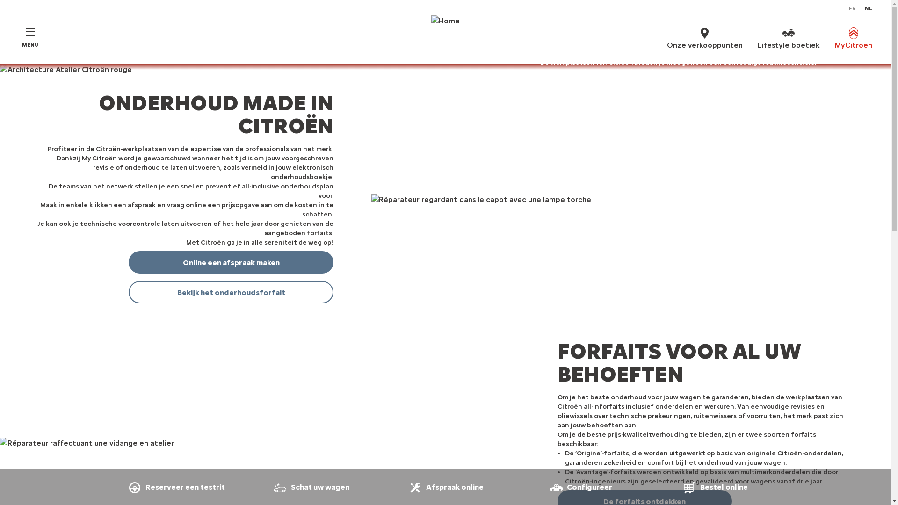  I want to click on 'MENU', so click(30, 37).